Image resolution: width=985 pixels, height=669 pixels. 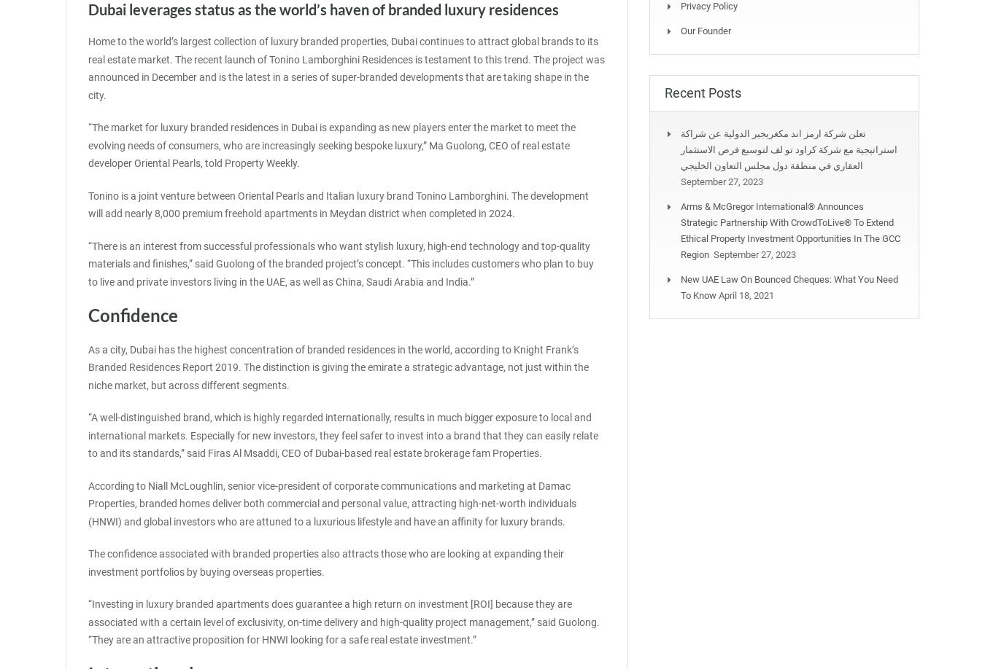 What do you see at coordinates (88, 263) in the screenshot?
I see `'“There is an interest from successful professionals who want stylish luxury, high-end technology and top-quality materials and finishes,” said Guolong of the branded project’s concept. “This includes customers who plan to buy to live and private investors living in the UAE, as well as China, Saudi Arabia and India.”'` at bounding box center [88, 263].